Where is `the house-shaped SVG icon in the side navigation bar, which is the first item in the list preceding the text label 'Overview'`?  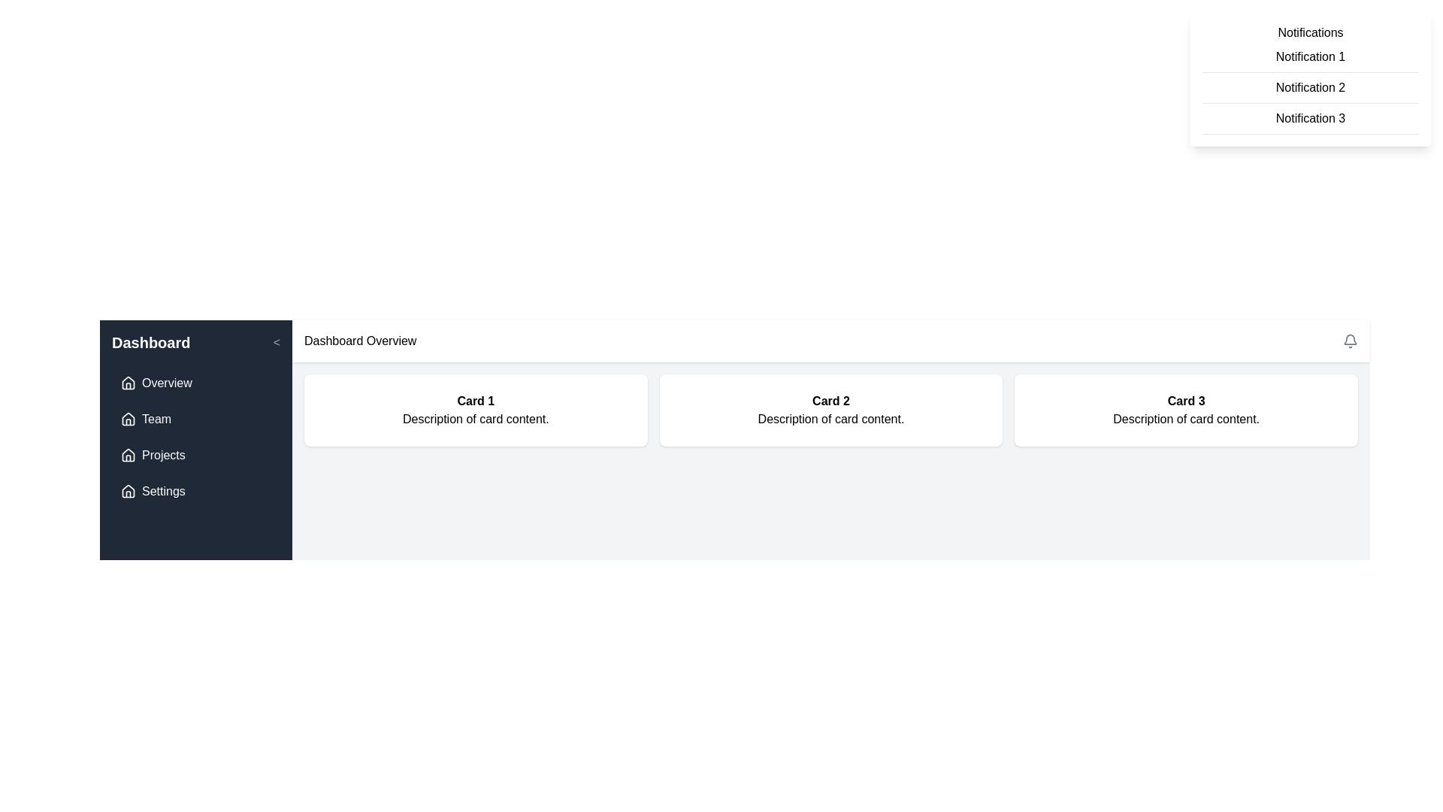
the house-shaped SVG icon in the side navigation bar, which is the first item in the list preceding the text label 'Overview' is located at coordinates (129, 382).